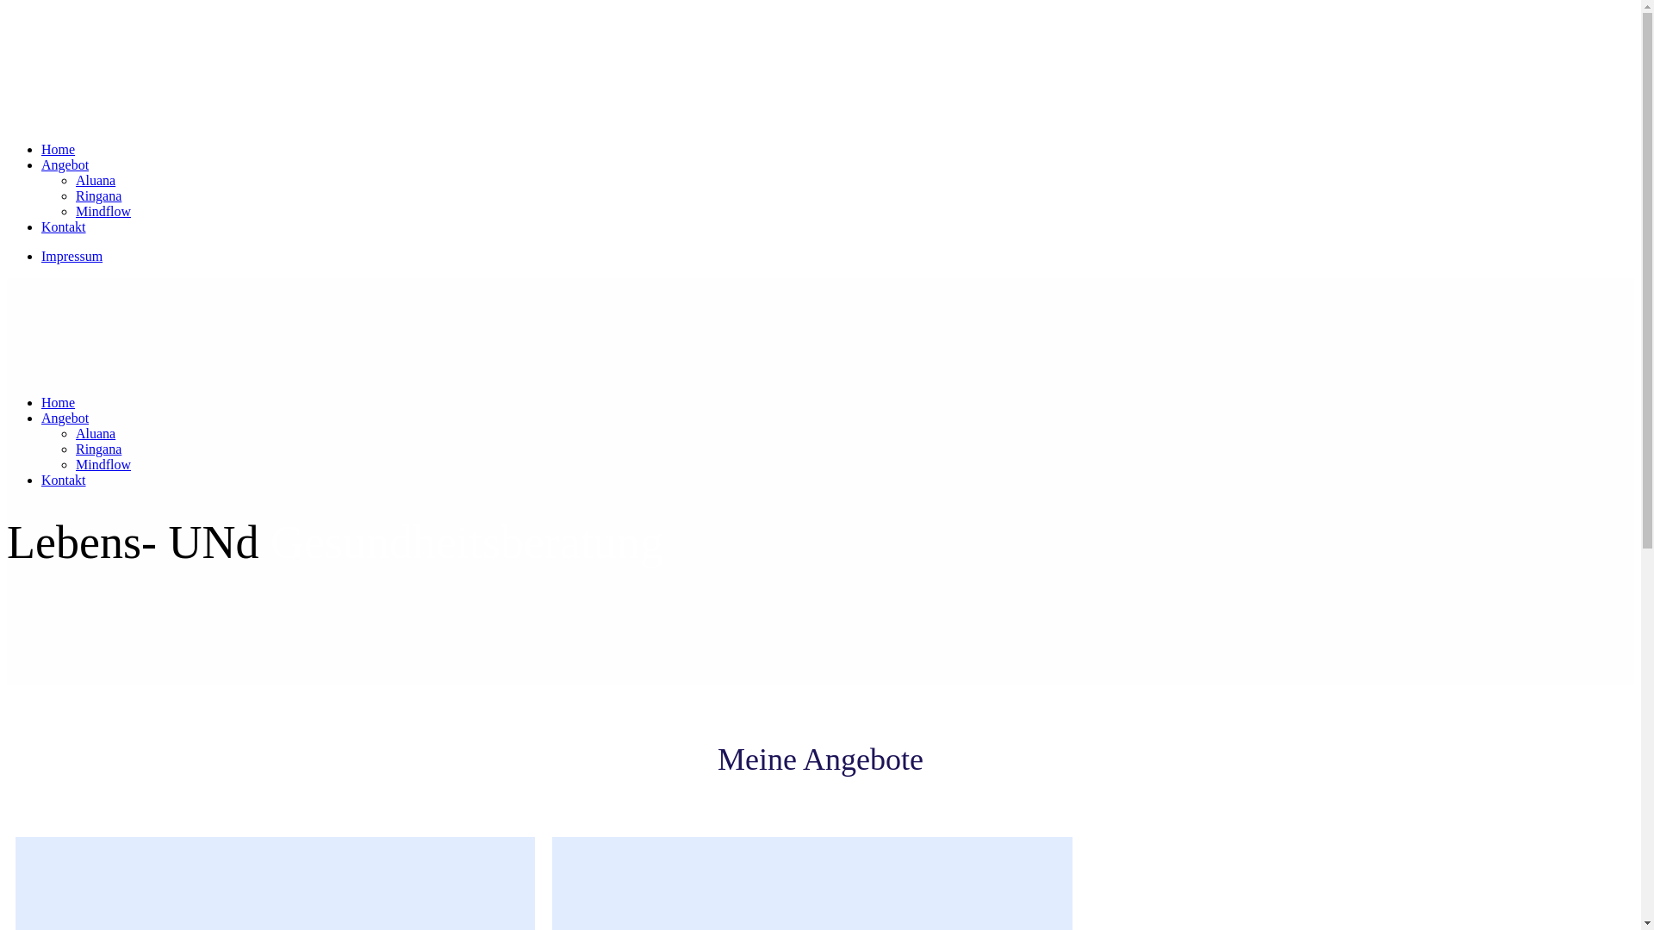 This screenshot has height=930, width=1654. What do you see at coordinates (94, 180) in the screenshot?
I see `'Aluana'` at bounding box center [94, 180].